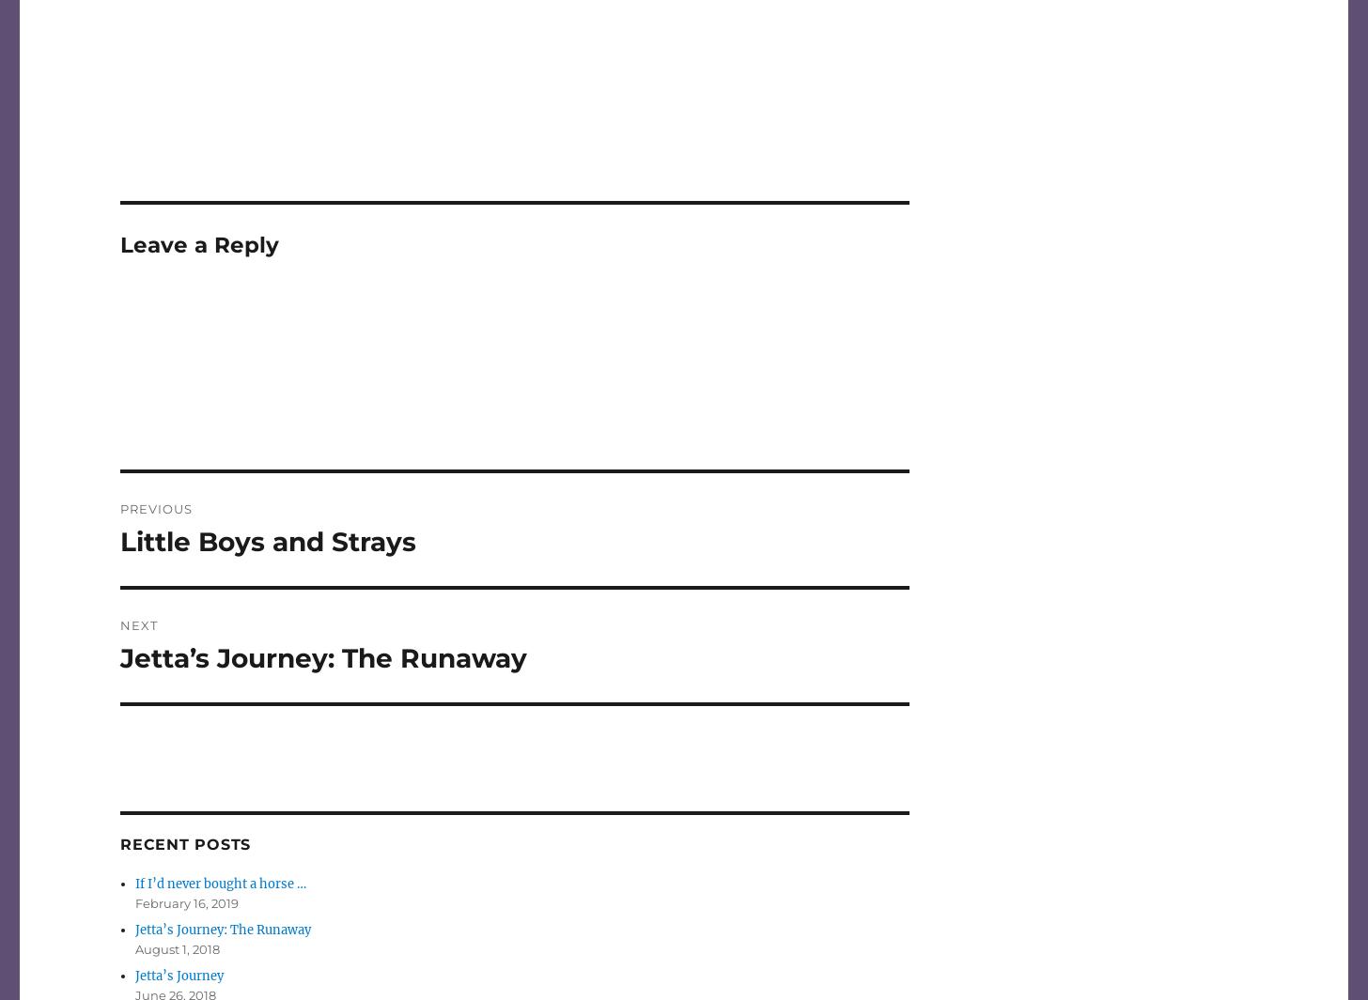  I want to click on 'February 16, 2019', so click(186, 903).